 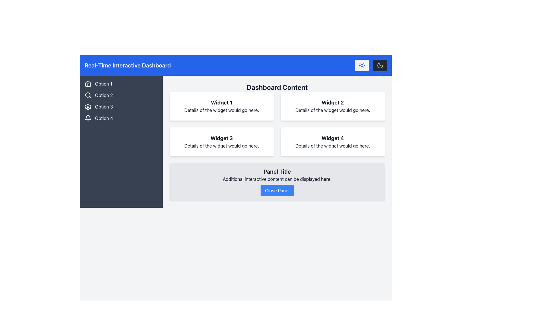 I want to click on the informational Text Label located below the header 'Widget 3' in the middle-left section of the widget grid on the dashboard interface, so click(x=221, y=146).